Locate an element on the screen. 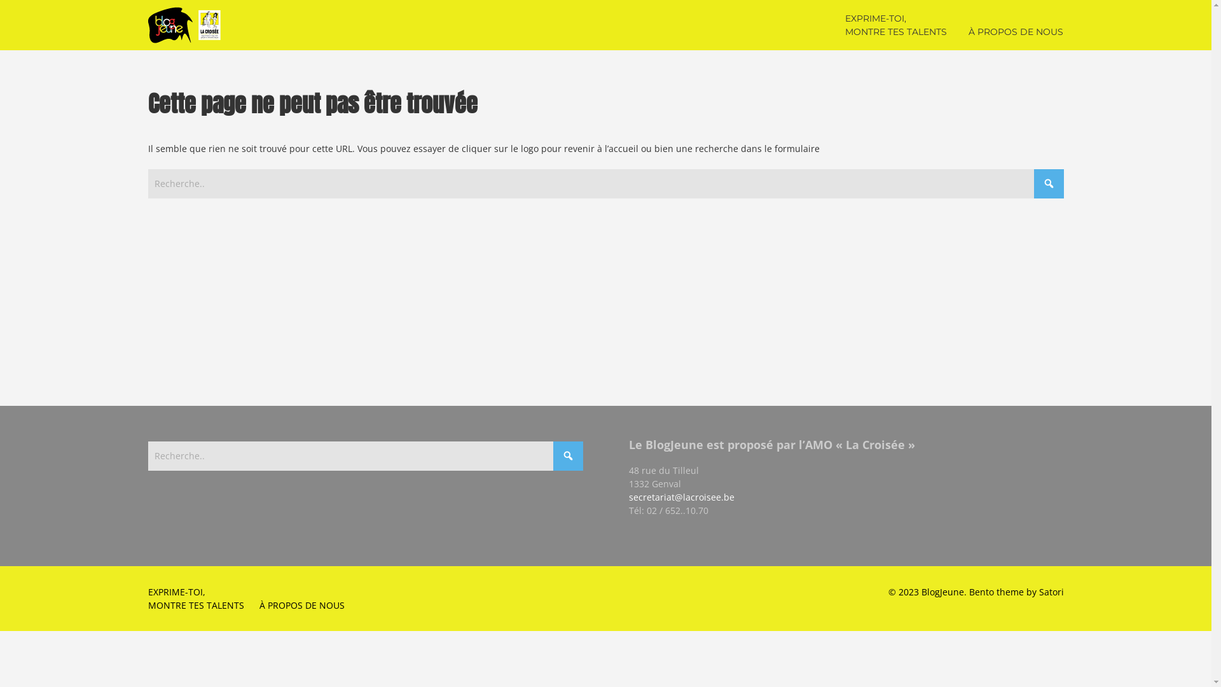 The image size is (1221, 687). 'EXPRIME-TOI, is located at coordinates (895, 25).